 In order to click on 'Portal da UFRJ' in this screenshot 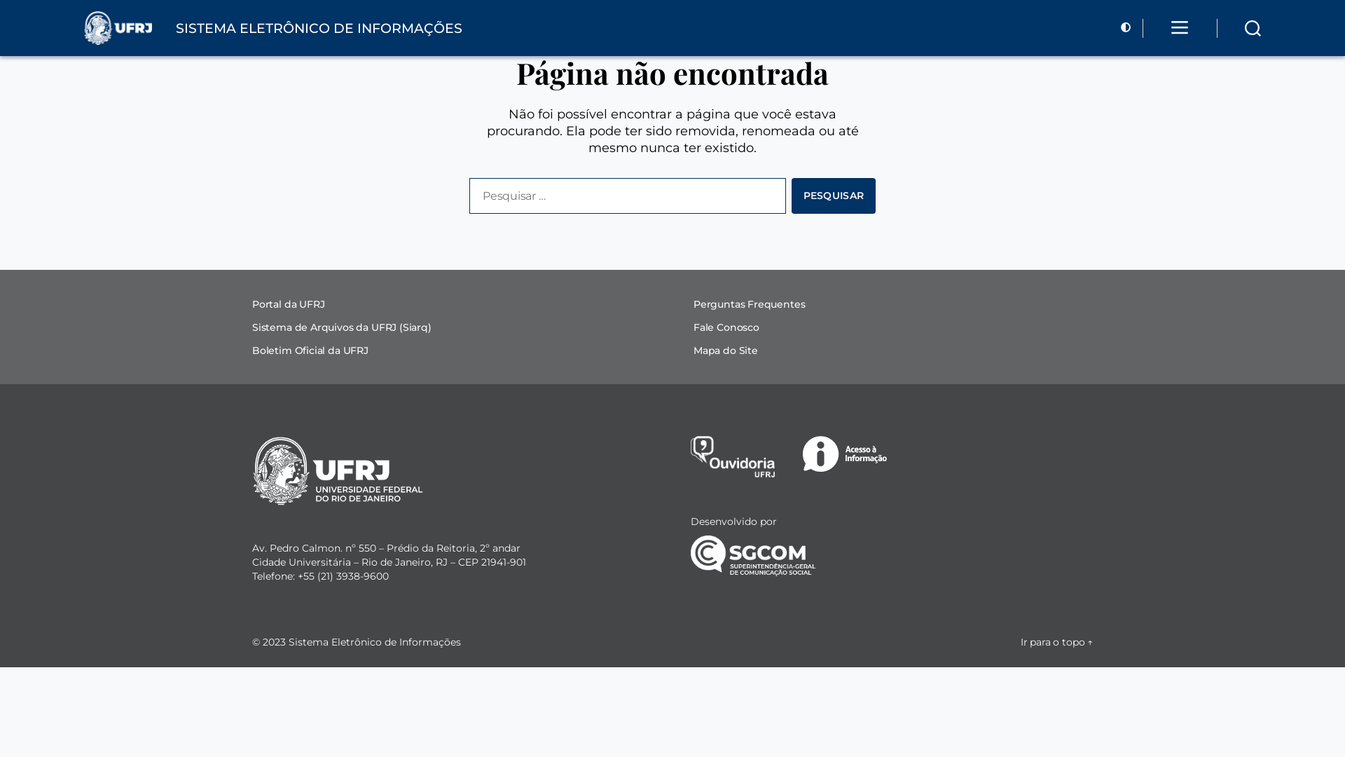, I will do `click(287, 304)`.